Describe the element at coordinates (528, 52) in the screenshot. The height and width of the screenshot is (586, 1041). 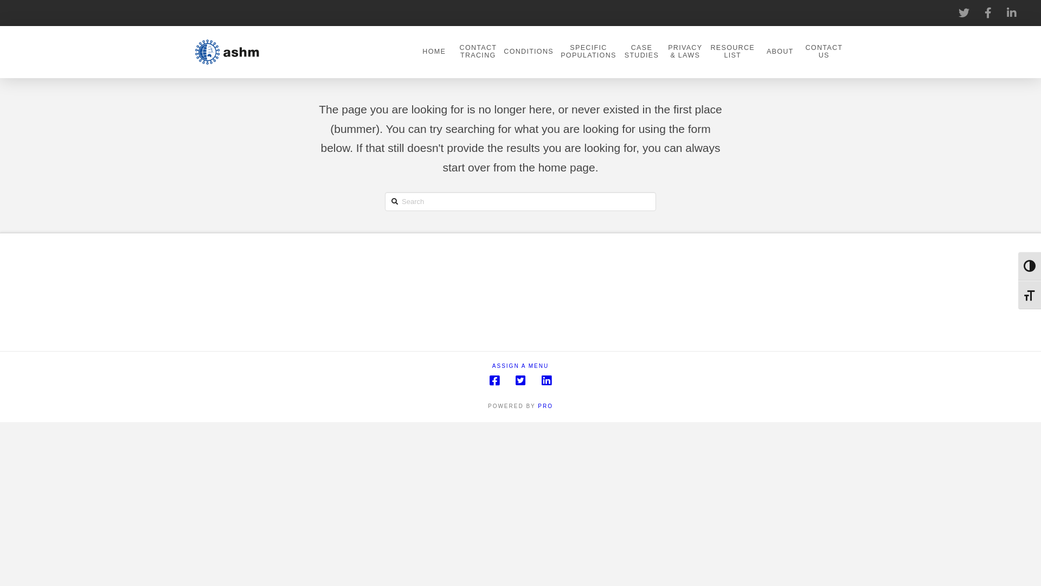
I see `'CONDITIONS'` at that location.